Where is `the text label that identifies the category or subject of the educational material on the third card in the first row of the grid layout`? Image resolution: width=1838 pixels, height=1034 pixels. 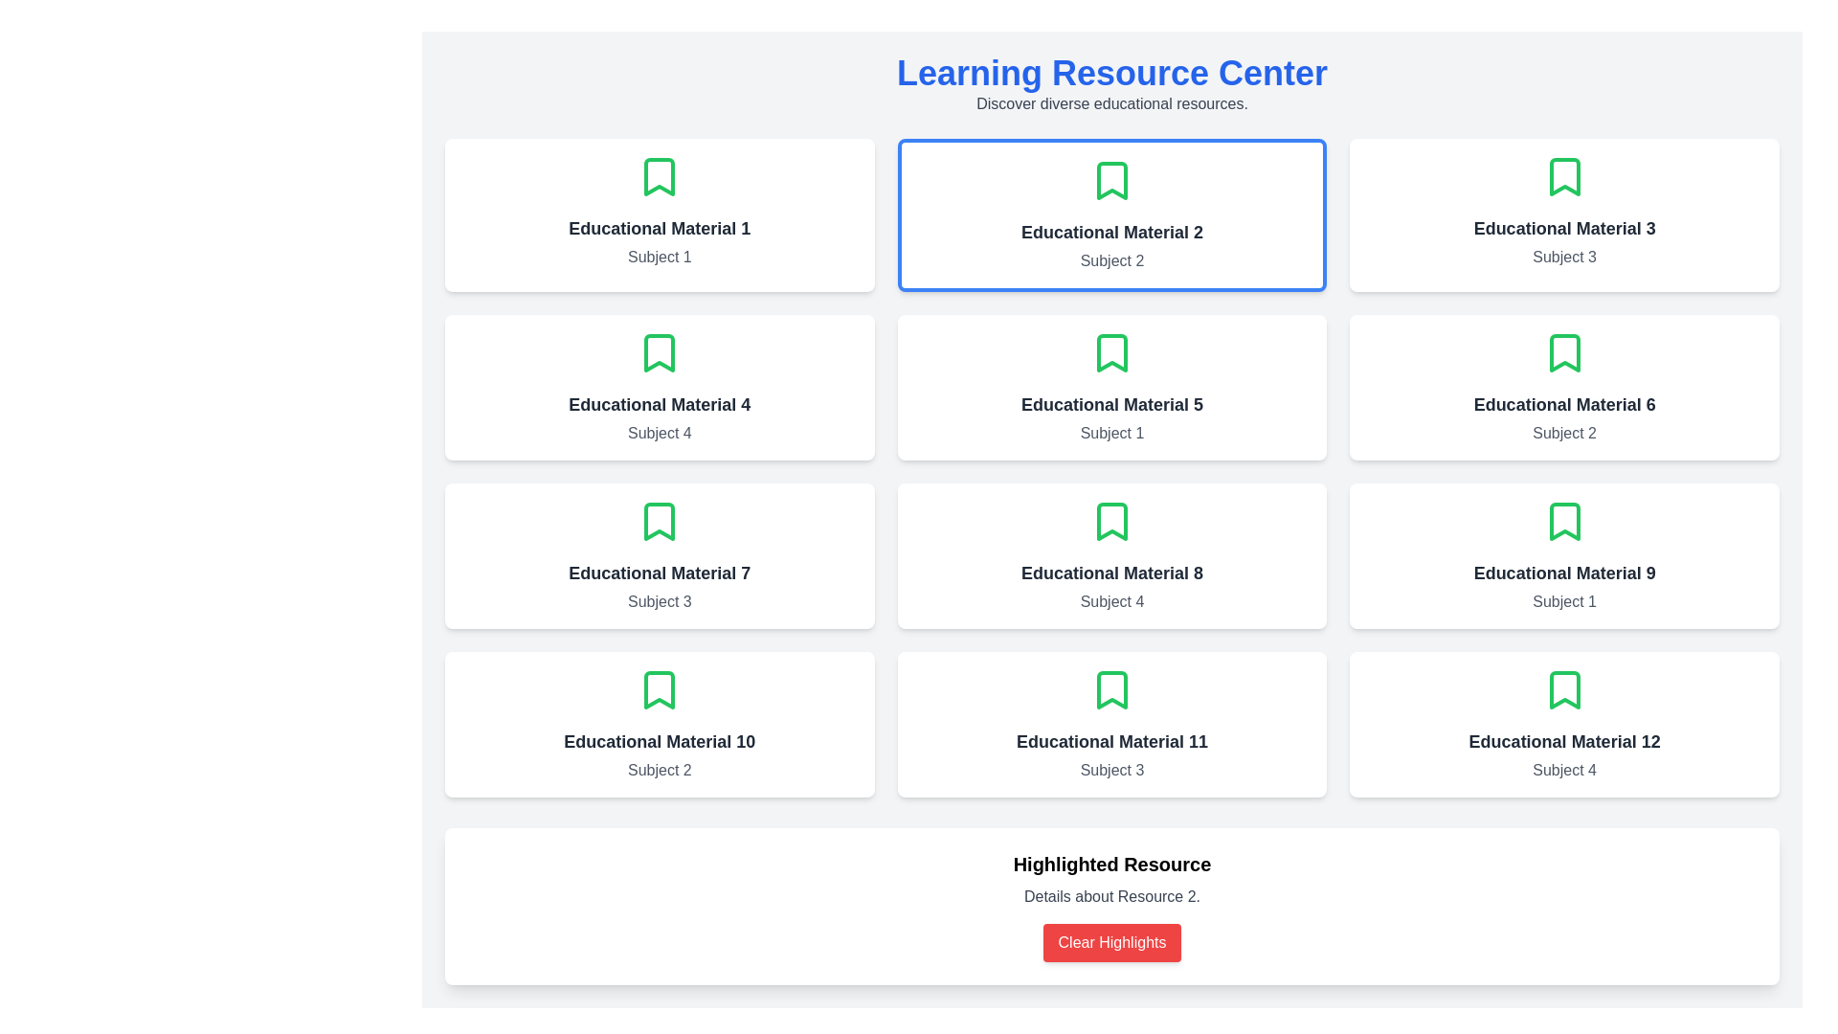
the text label that identifies the category or subject of the educational material on the third card in the first row of the grid layout is located at coordinates (1564, 257).